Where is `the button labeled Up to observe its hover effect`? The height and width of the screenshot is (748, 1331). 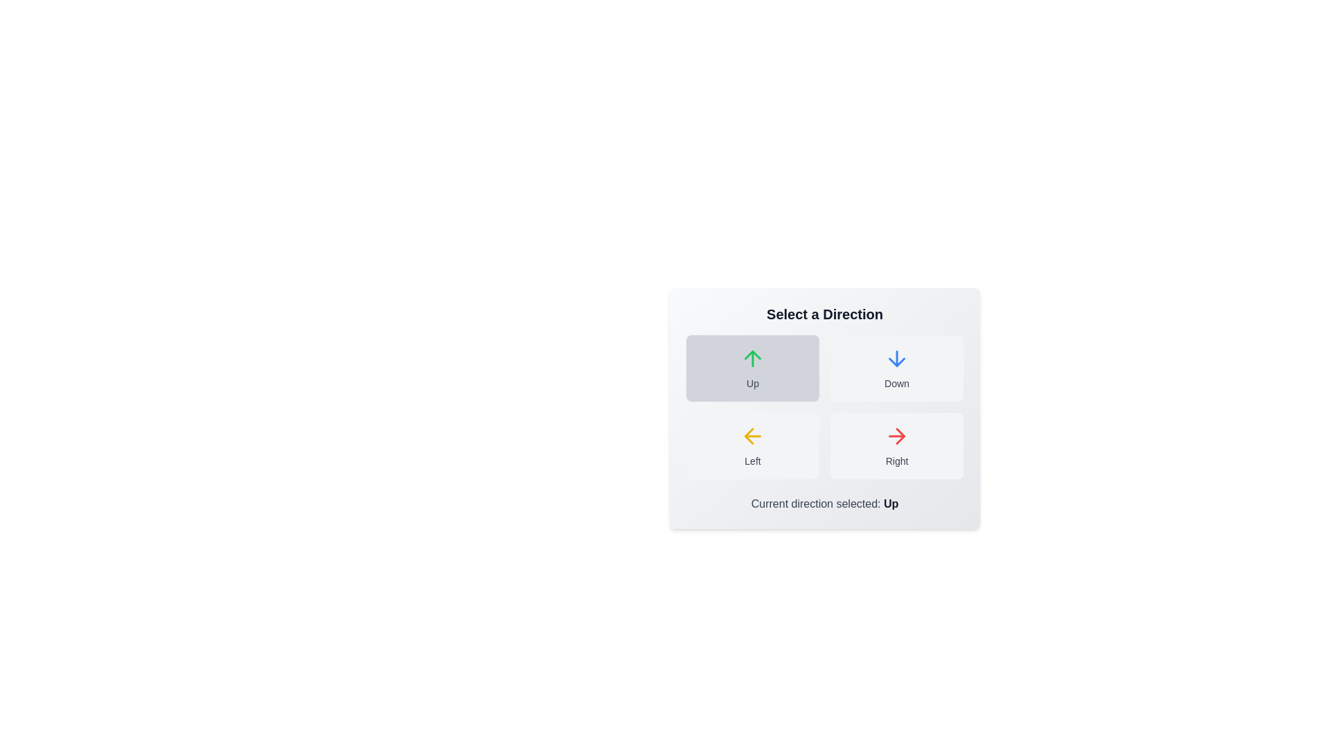 the button labeled Up to observe its hover effect is located at coordinates (751, 368).